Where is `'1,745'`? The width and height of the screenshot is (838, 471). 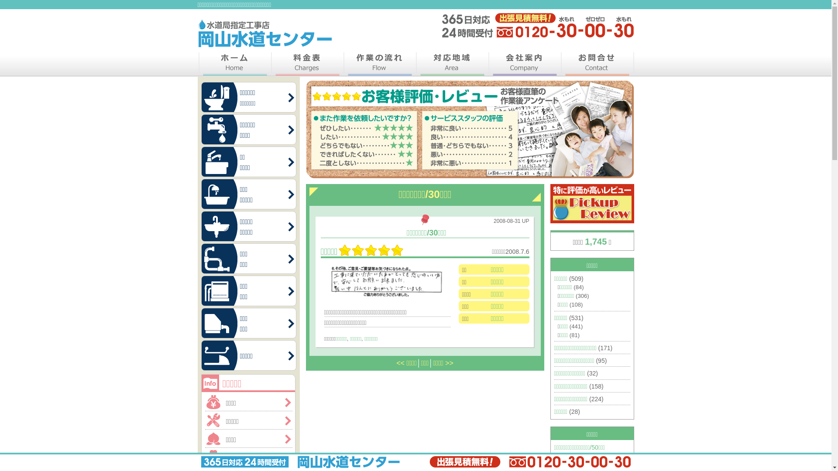 '1,745' is located at coordinates (595, 242).